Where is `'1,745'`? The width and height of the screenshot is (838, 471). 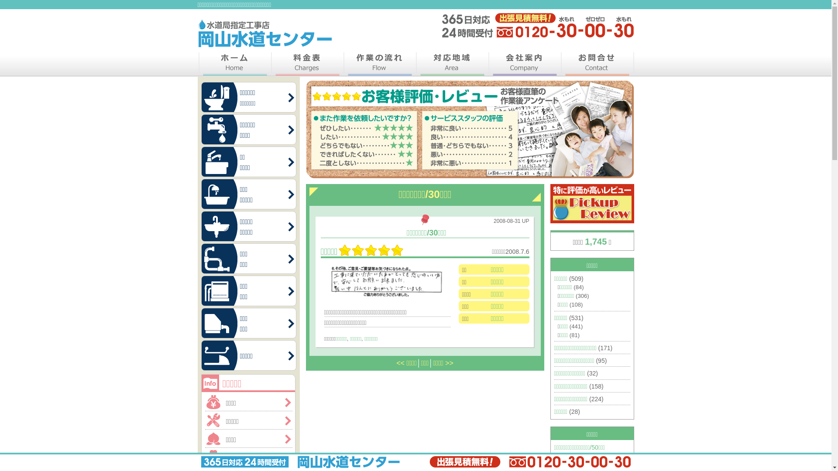 '1,745' is located at coordinates (595, 242).